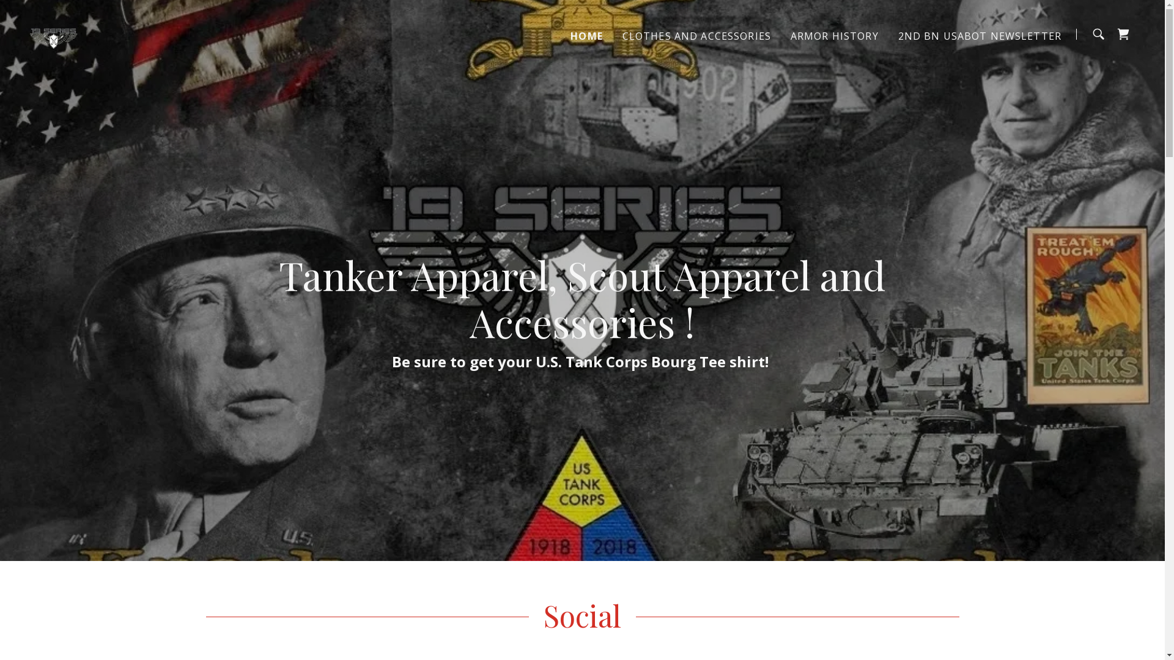  I want to click on '2ND BN USABOT NEWSLETTER', so click(980, 34).